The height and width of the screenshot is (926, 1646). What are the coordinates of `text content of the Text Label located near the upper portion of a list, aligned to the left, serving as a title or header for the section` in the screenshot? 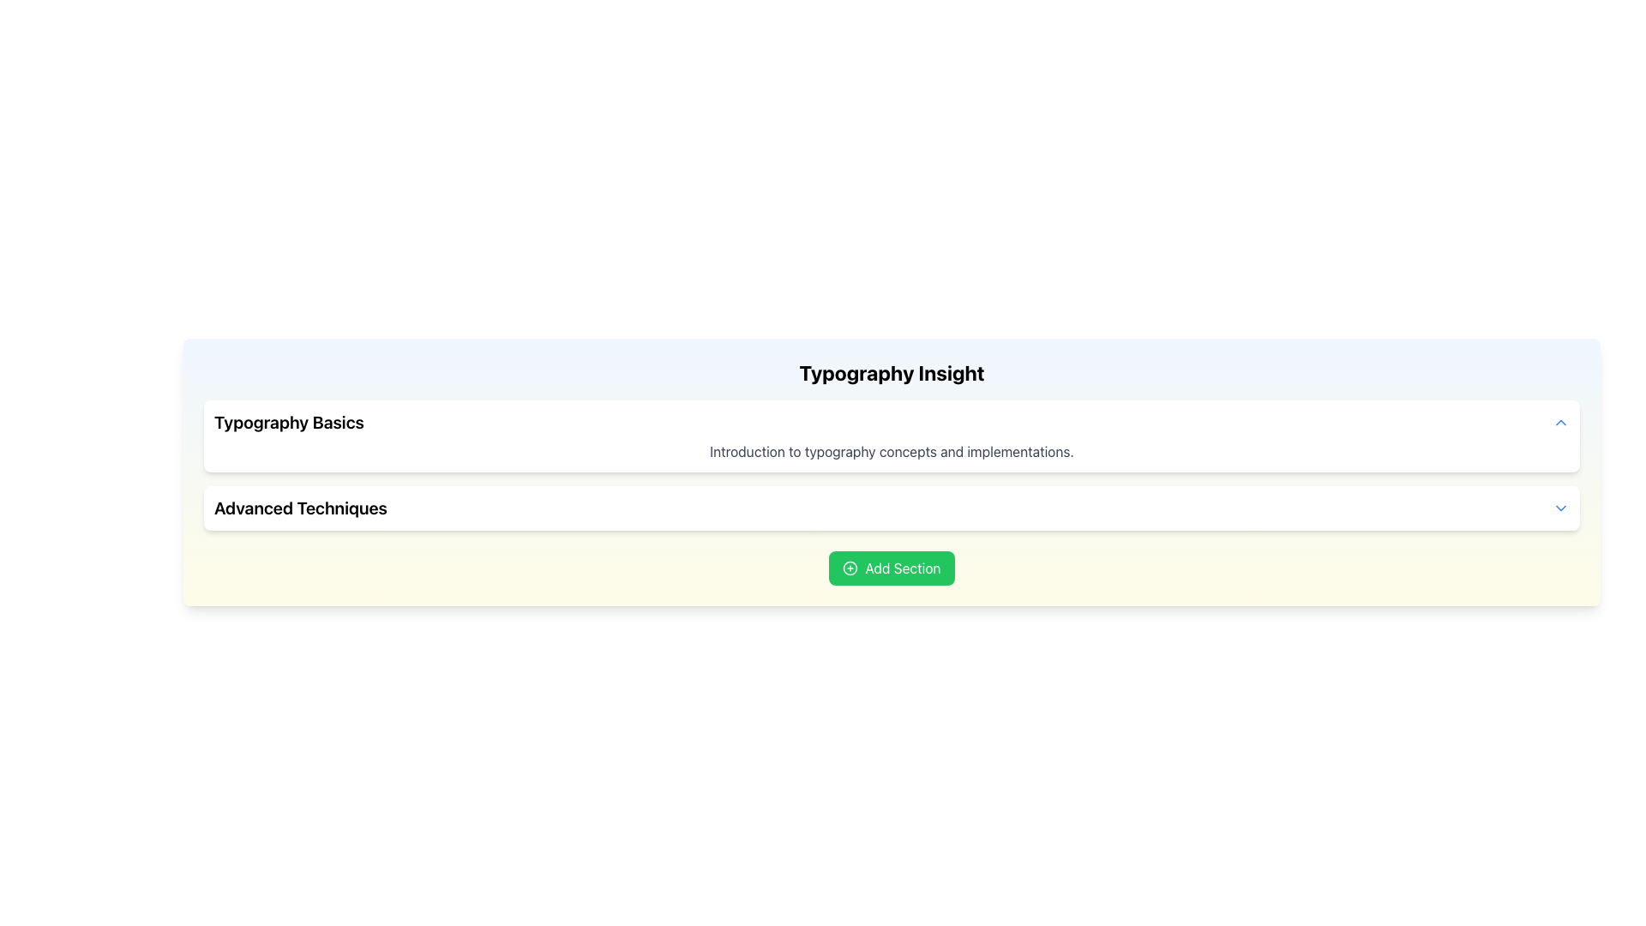 It's located at (300, 508).